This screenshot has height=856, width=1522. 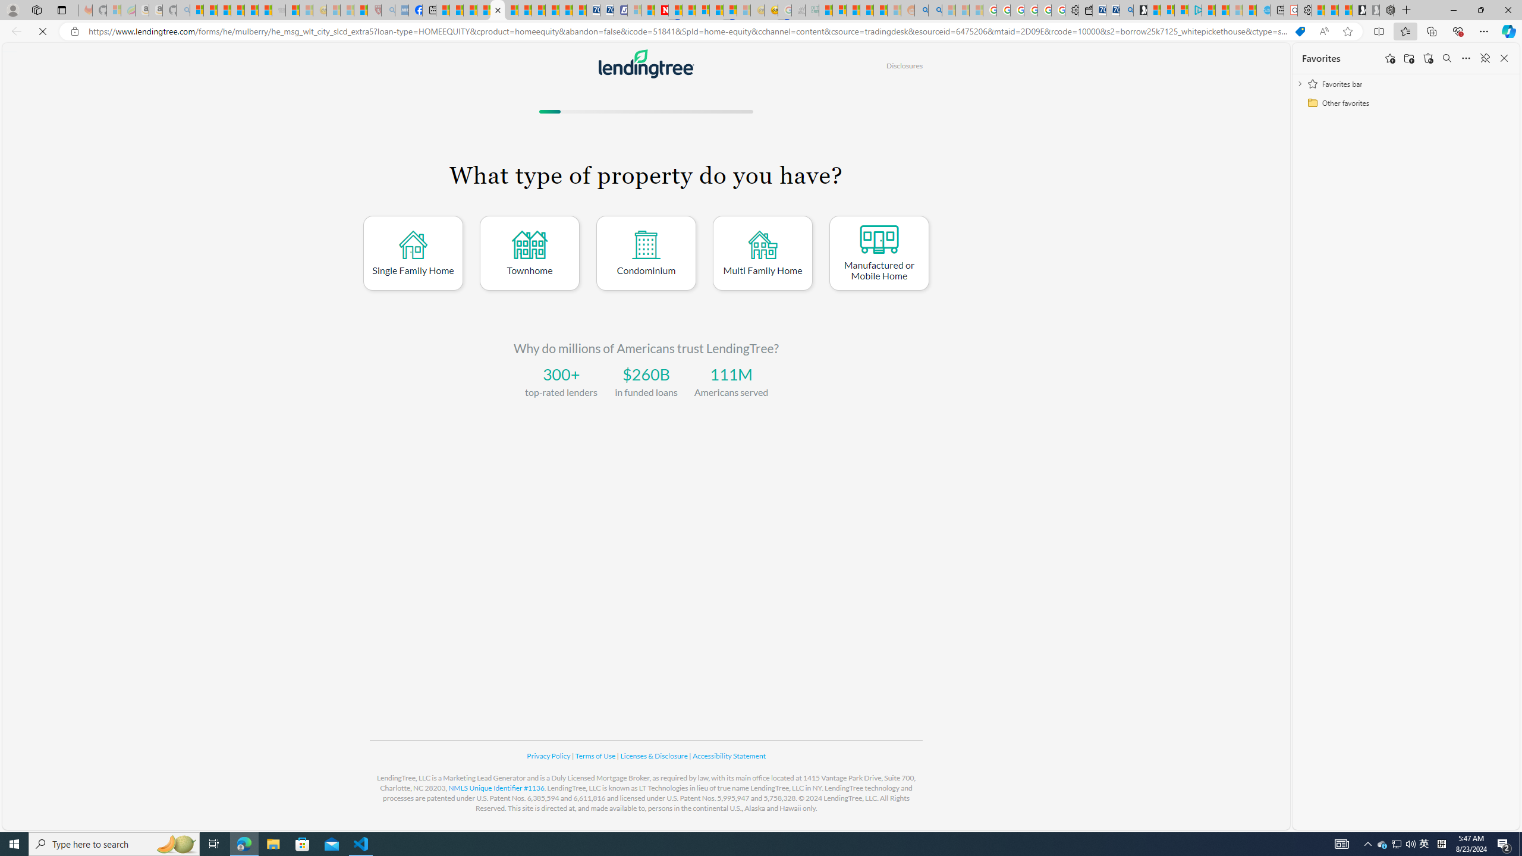 What do you see at coordinates (388, 10) in the screenshot?
I see `'list of asthma inhalers uk - Search - Sleeping'` at bounding box center [388, 10].